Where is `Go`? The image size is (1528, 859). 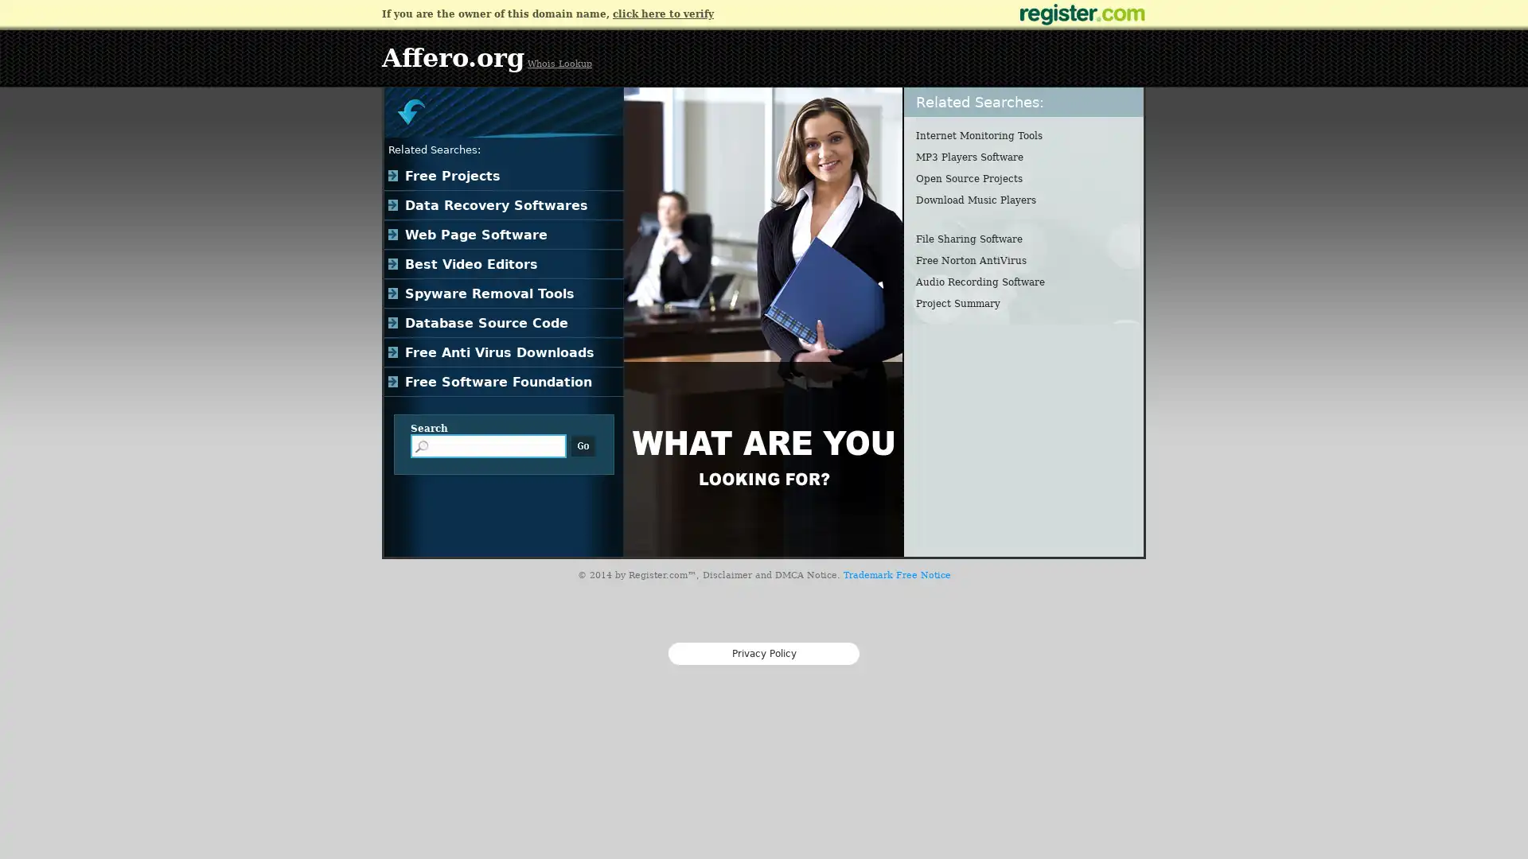 Go is located at coordinates (583, 445).